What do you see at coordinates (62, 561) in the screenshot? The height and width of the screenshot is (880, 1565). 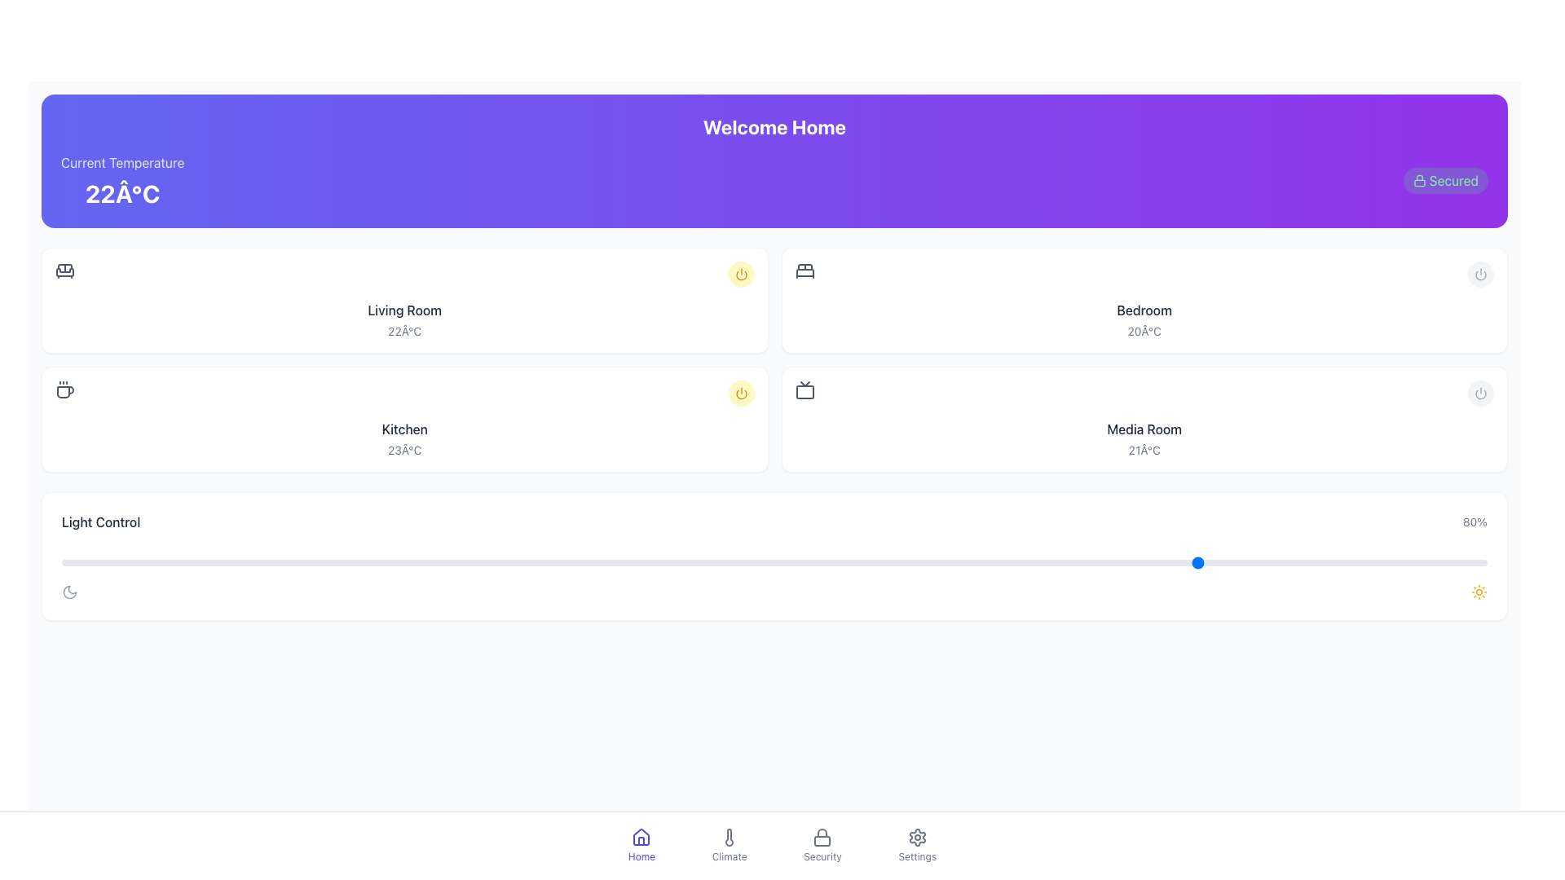 I see `the slider` at bounding box center [62, 561].